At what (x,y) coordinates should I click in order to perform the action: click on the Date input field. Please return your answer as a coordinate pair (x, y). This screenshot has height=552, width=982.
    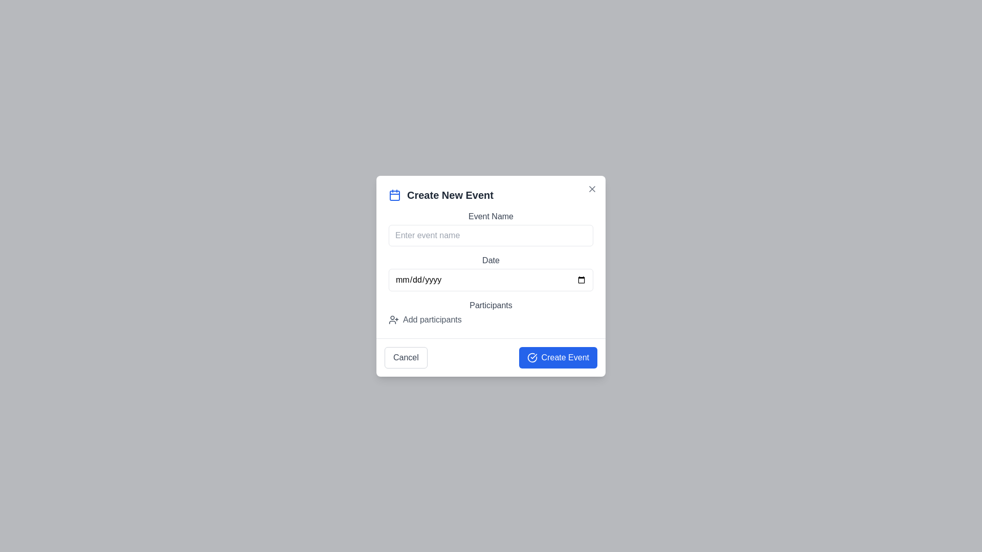
    Looking at the image, I should click on (491, 280).